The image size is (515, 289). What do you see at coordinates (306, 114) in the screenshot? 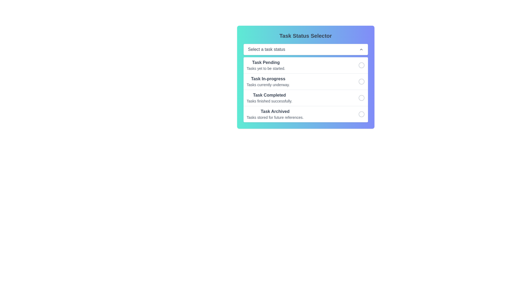
I see `the fourth list item titled 'Task Archived' in the dropdown menu` at bounding box center [306, 114].